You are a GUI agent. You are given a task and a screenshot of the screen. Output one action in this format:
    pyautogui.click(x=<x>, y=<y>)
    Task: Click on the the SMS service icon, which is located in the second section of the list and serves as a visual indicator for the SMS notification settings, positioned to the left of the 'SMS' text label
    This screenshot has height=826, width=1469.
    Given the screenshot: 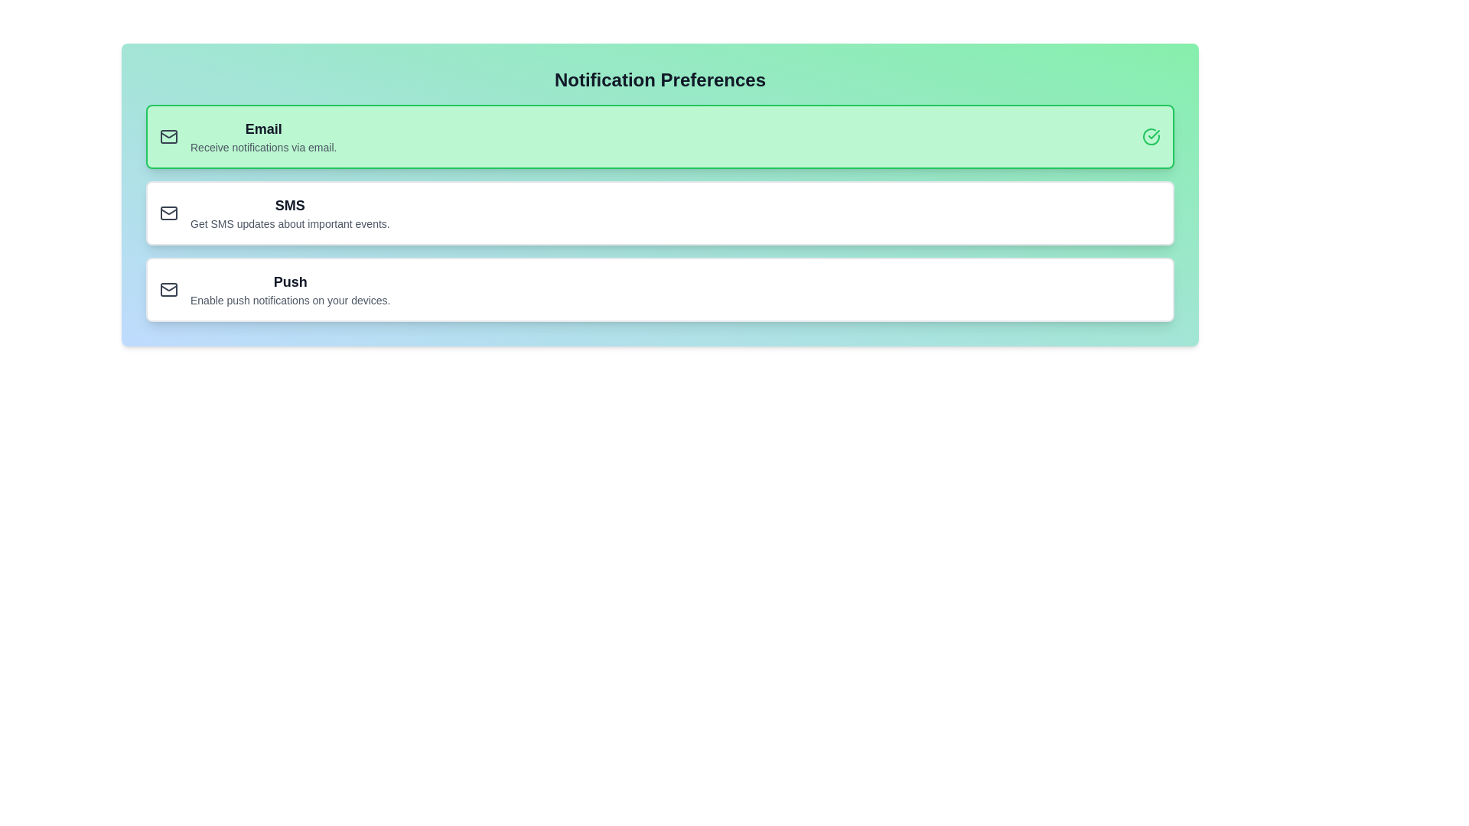 What is the action you would take?
    pyautogui.click(x=168, y=213)
    